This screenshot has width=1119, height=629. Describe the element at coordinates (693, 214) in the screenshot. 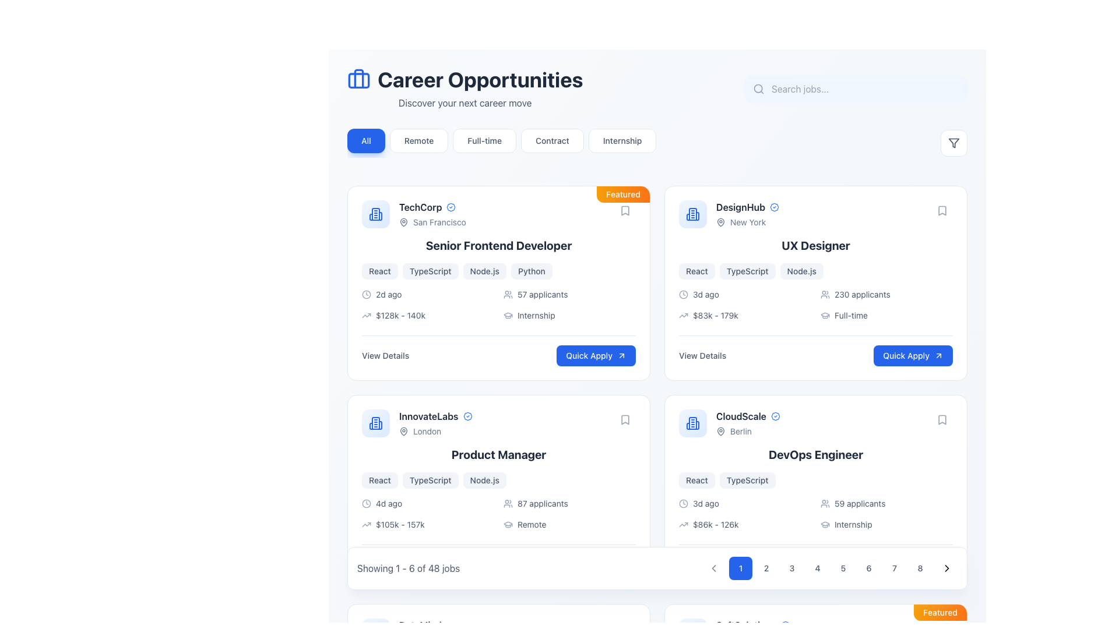

I see `the 'DesignHub' icon, which is centered within a rounded blue-gradient background in the top right section of the grid layout under the 'Career Opportunities' heading` at that location.